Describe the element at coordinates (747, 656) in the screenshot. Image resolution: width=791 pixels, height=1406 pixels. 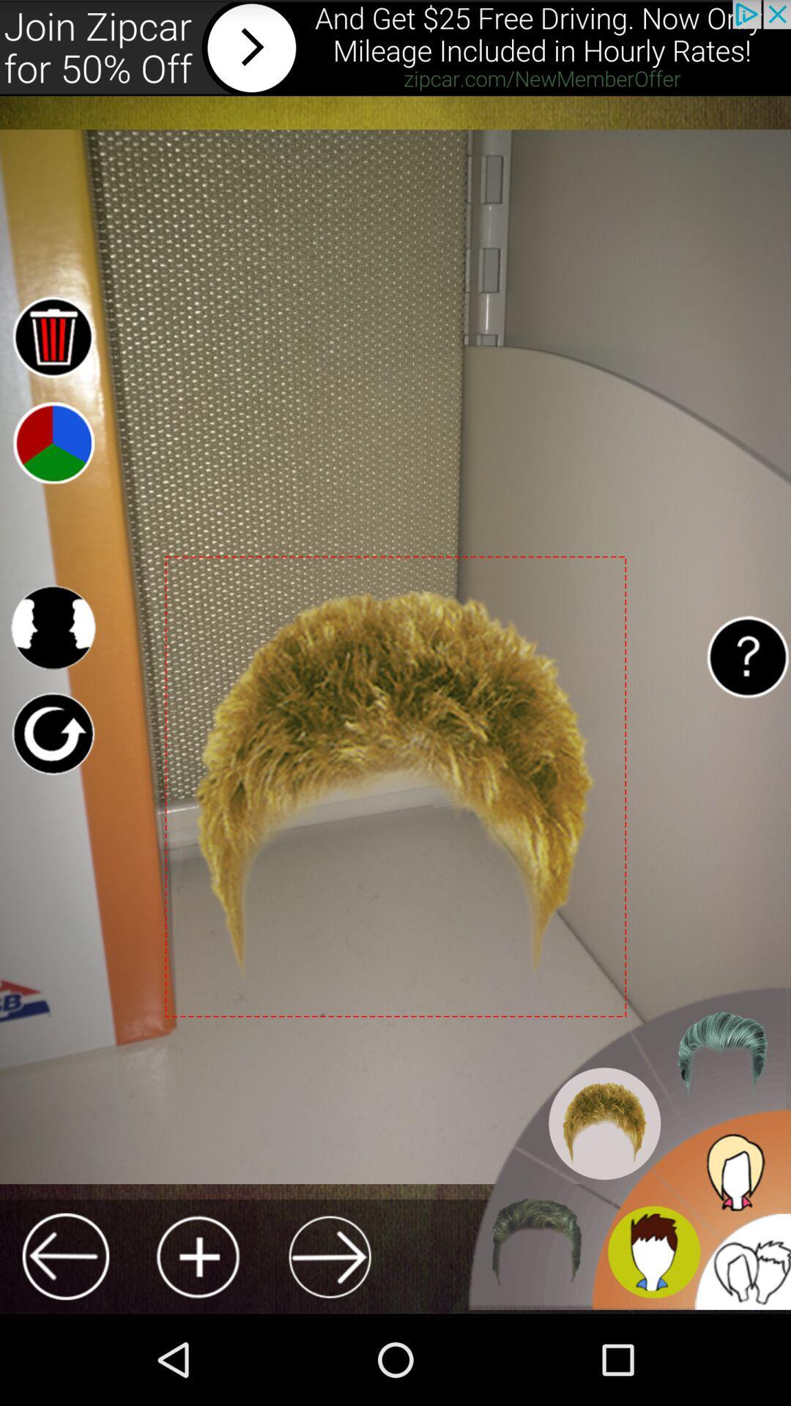
I see `question symbol` at that location.